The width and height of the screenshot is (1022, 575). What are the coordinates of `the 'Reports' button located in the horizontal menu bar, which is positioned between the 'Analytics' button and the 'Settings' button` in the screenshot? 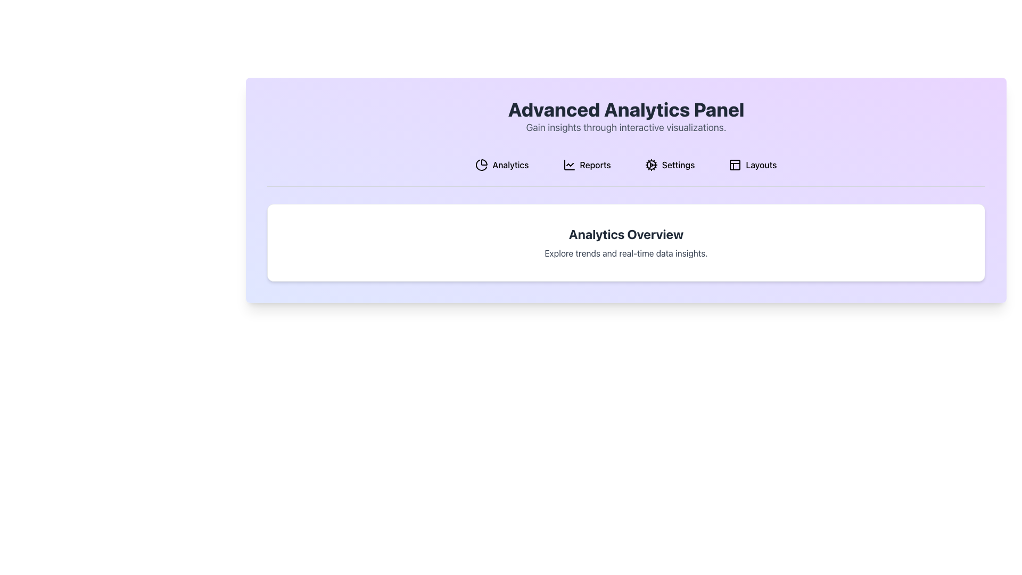 It's located at (586, 165).